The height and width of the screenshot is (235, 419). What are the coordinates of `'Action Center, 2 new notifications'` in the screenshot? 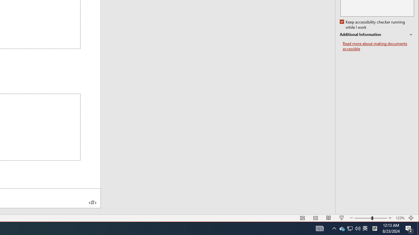 It's located at (418, 228).